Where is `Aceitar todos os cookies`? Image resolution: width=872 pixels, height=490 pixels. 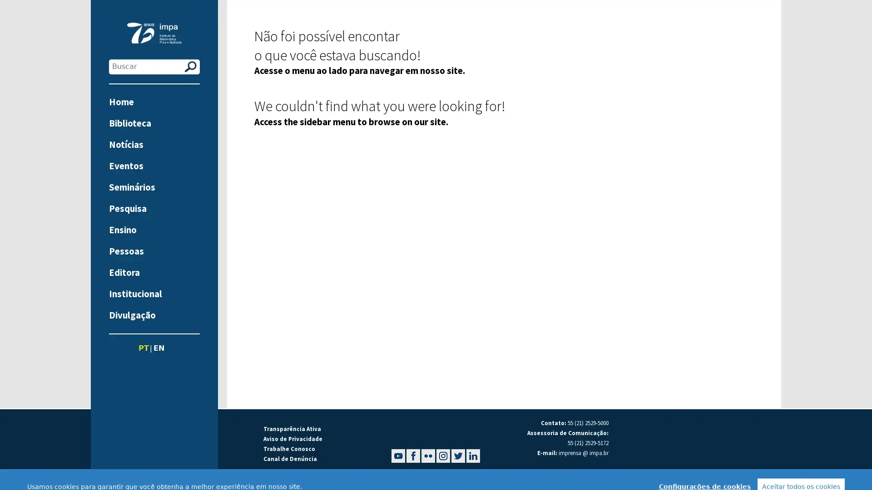 Aceitar todos os cookies is located at coordinates (801, 472).